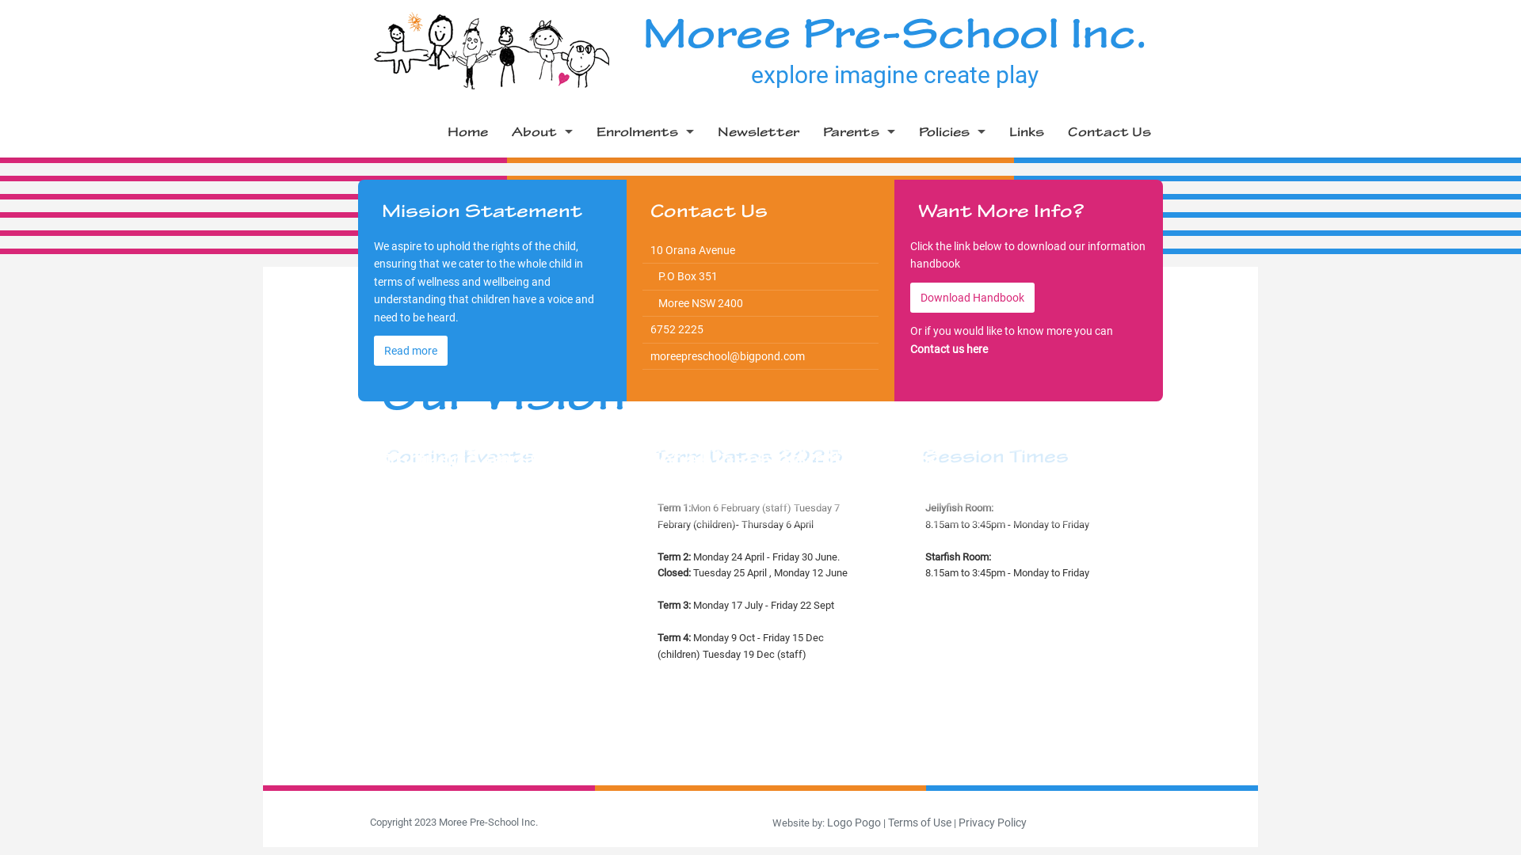 This screenshot has height=855, width=1521. I want to click on 'Policies', so click(951, 131).